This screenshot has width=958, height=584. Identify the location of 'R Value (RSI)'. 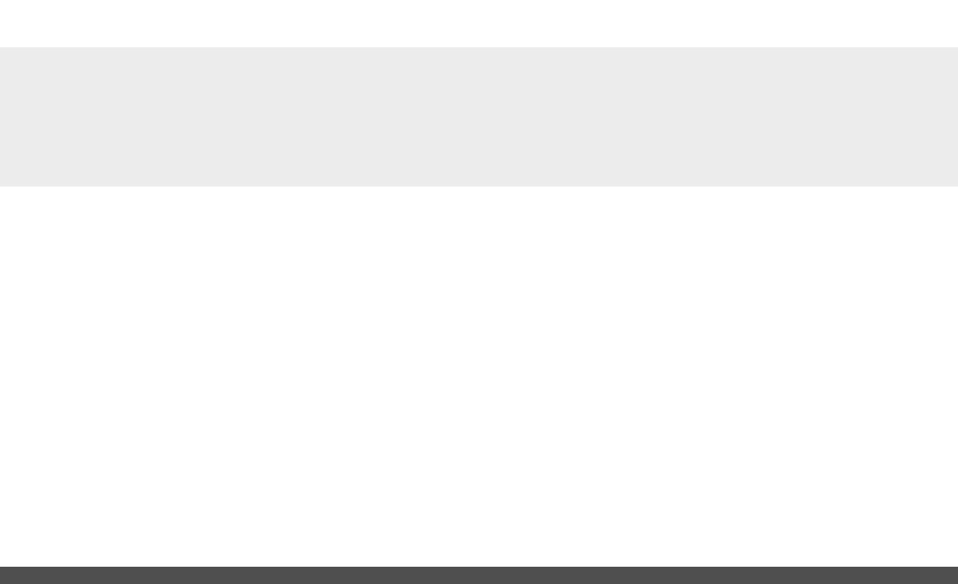
(254, 392).